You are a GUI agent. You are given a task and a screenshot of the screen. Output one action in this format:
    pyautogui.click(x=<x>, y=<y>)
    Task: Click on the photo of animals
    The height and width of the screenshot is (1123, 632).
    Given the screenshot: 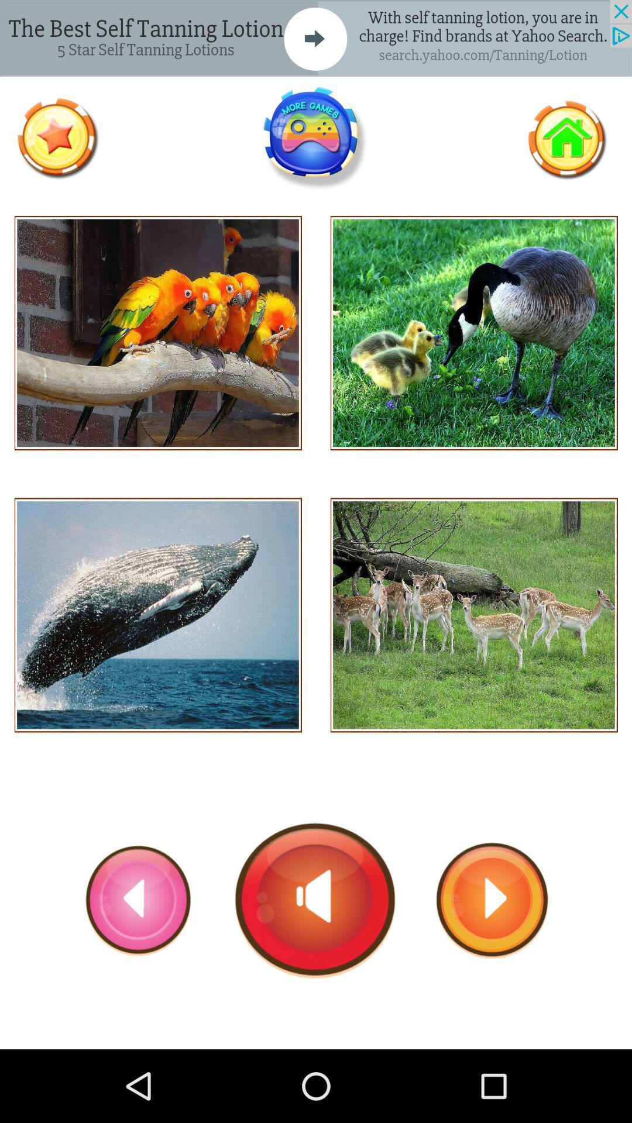 What is the action you would take?
    pyautogui.click(x=474, y=332)
    